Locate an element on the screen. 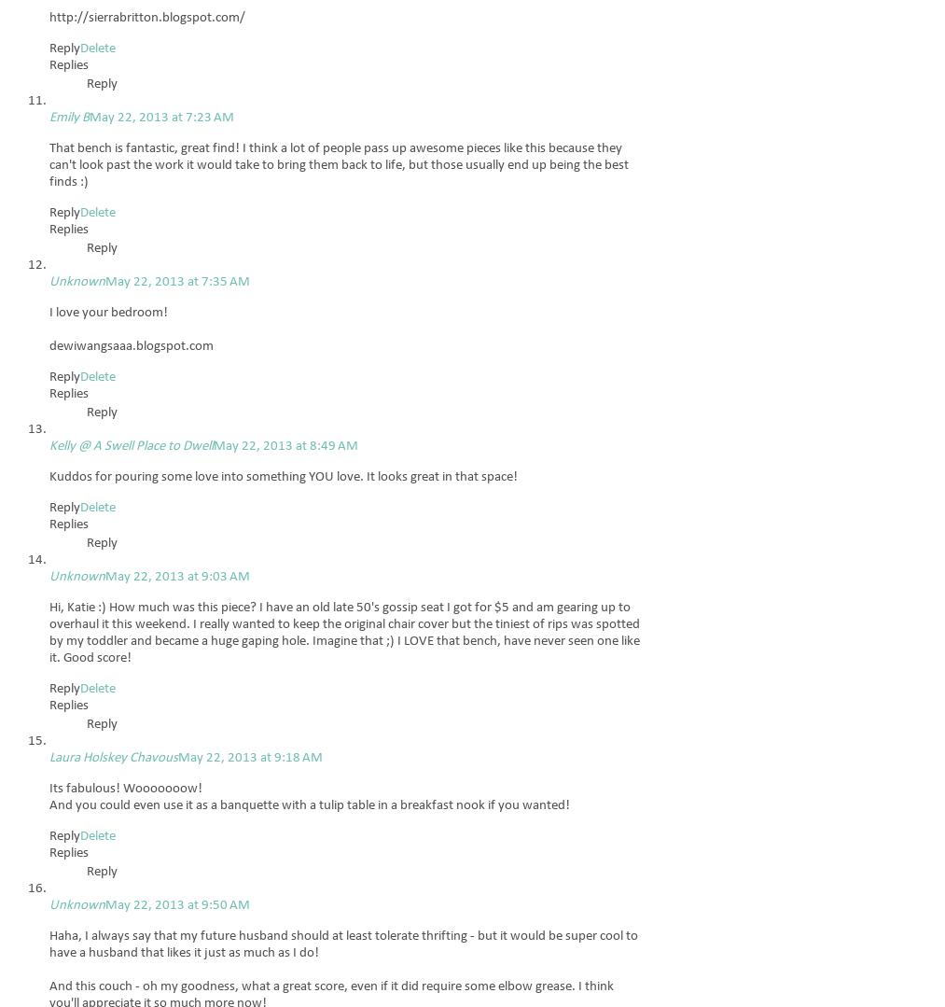 The image size is (945, 1007). 'I love your bedroom!' is located at coordinates (48, 313).